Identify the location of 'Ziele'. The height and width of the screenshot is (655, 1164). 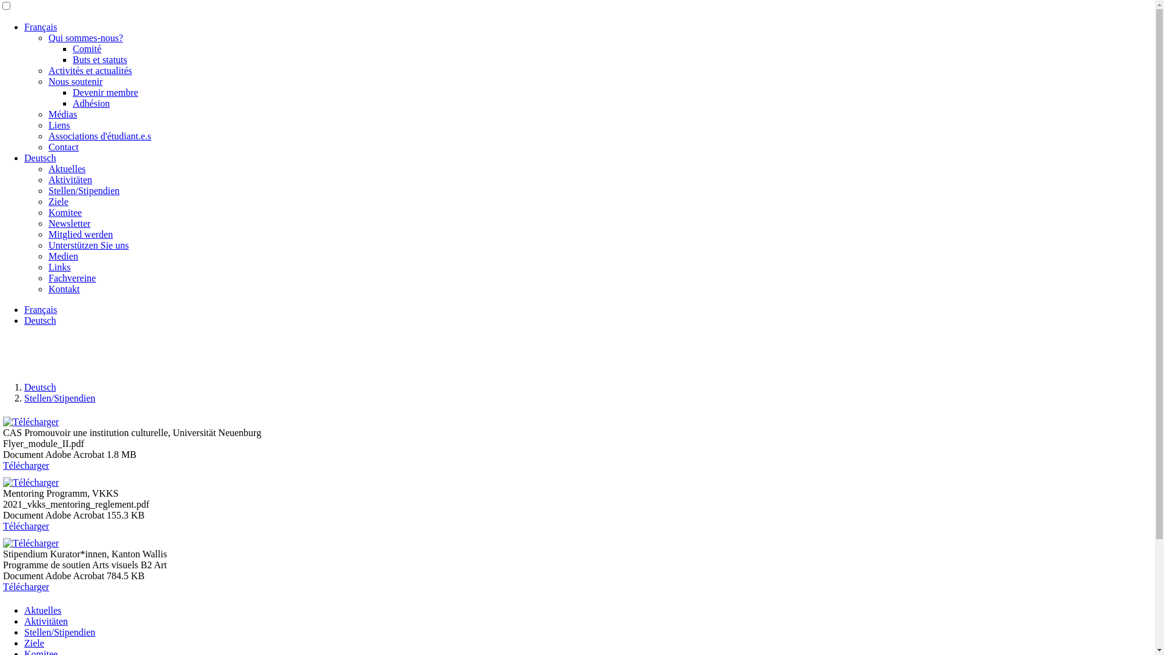
(48, 201).